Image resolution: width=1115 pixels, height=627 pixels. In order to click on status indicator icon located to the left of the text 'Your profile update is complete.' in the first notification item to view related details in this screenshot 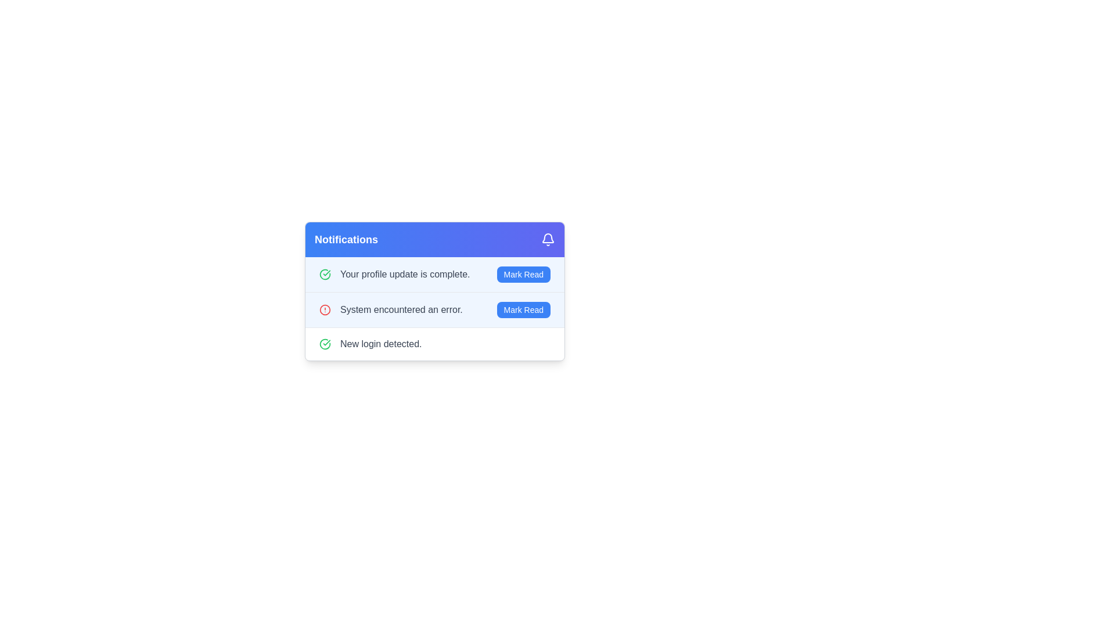, I will do `click(325, 275)`.